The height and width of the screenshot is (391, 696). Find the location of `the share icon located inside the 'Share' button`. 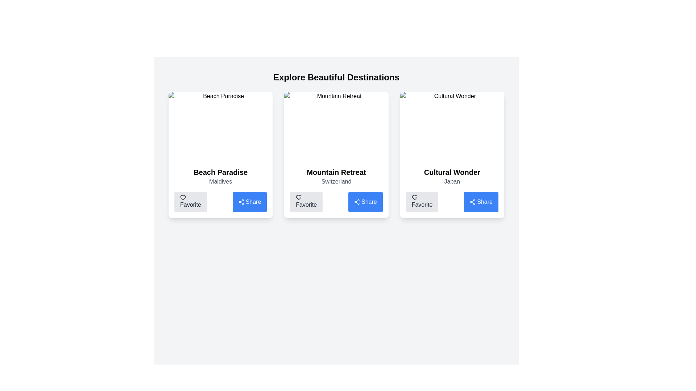

the share icon located inside the 'Share' button is located at coordinates (357, 202).